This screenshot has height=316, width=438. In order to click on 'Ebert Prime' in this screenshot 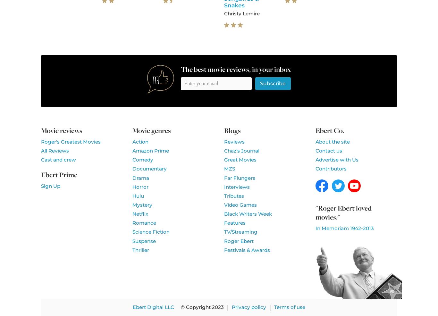, I will do `click(59, 174)`.